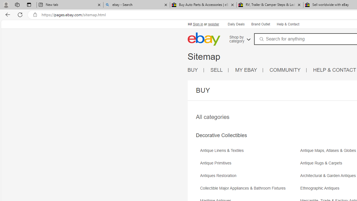 Image resolution: width=357 pixels, height=201 pixels. I want to click on 'BUY', so click(193, 70).